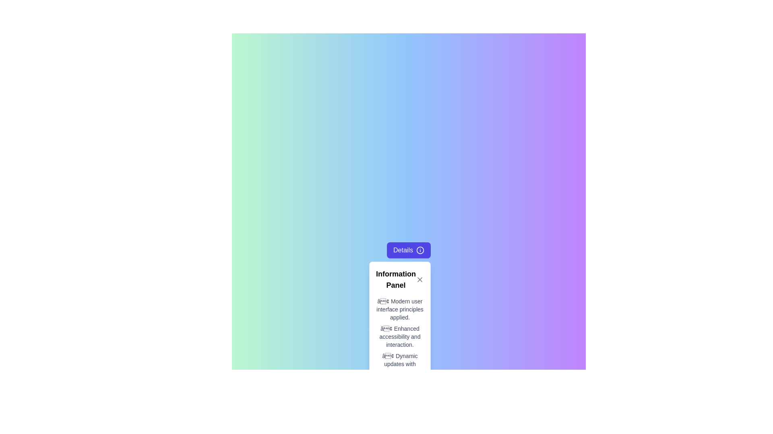  I want to click on the static text label located at the far left of the panel, which describes the content of the panel to users, so click(396, 279).